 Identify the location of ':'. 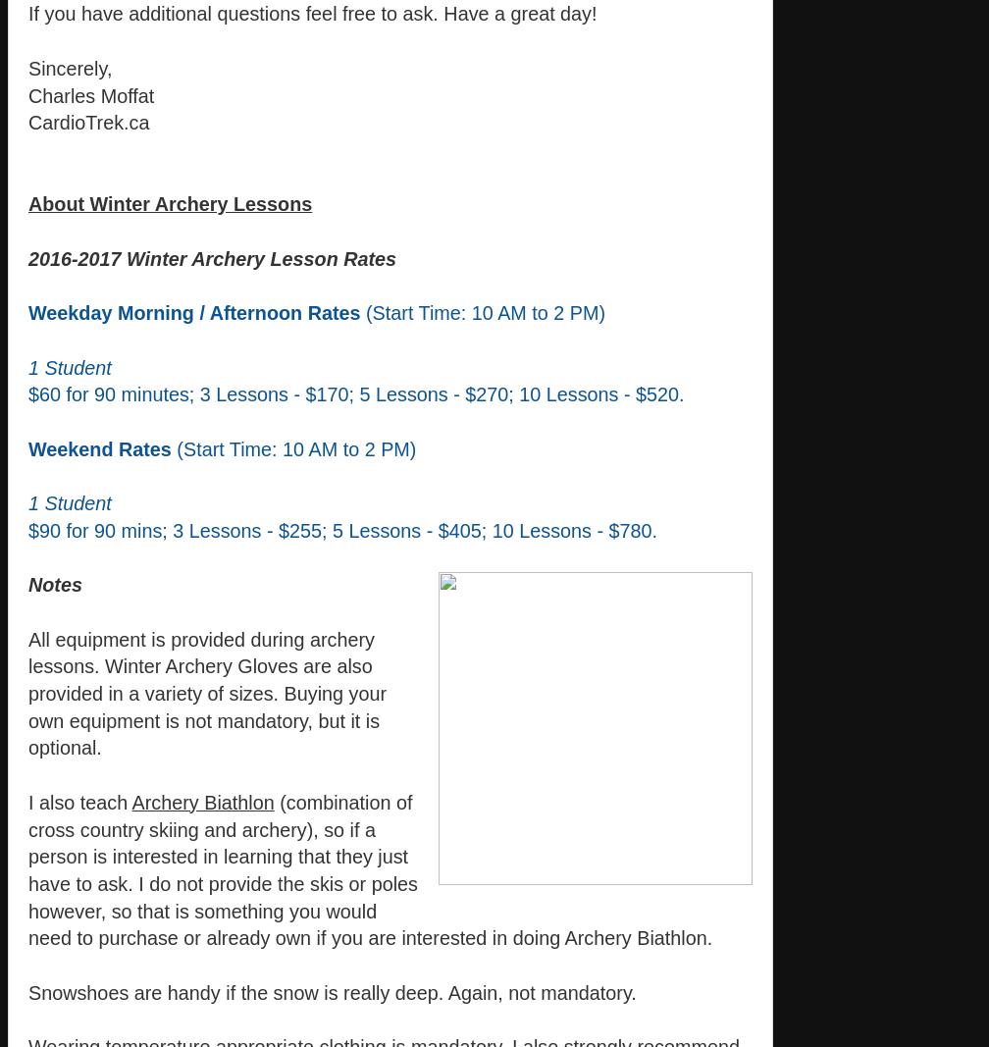
(271, 446).